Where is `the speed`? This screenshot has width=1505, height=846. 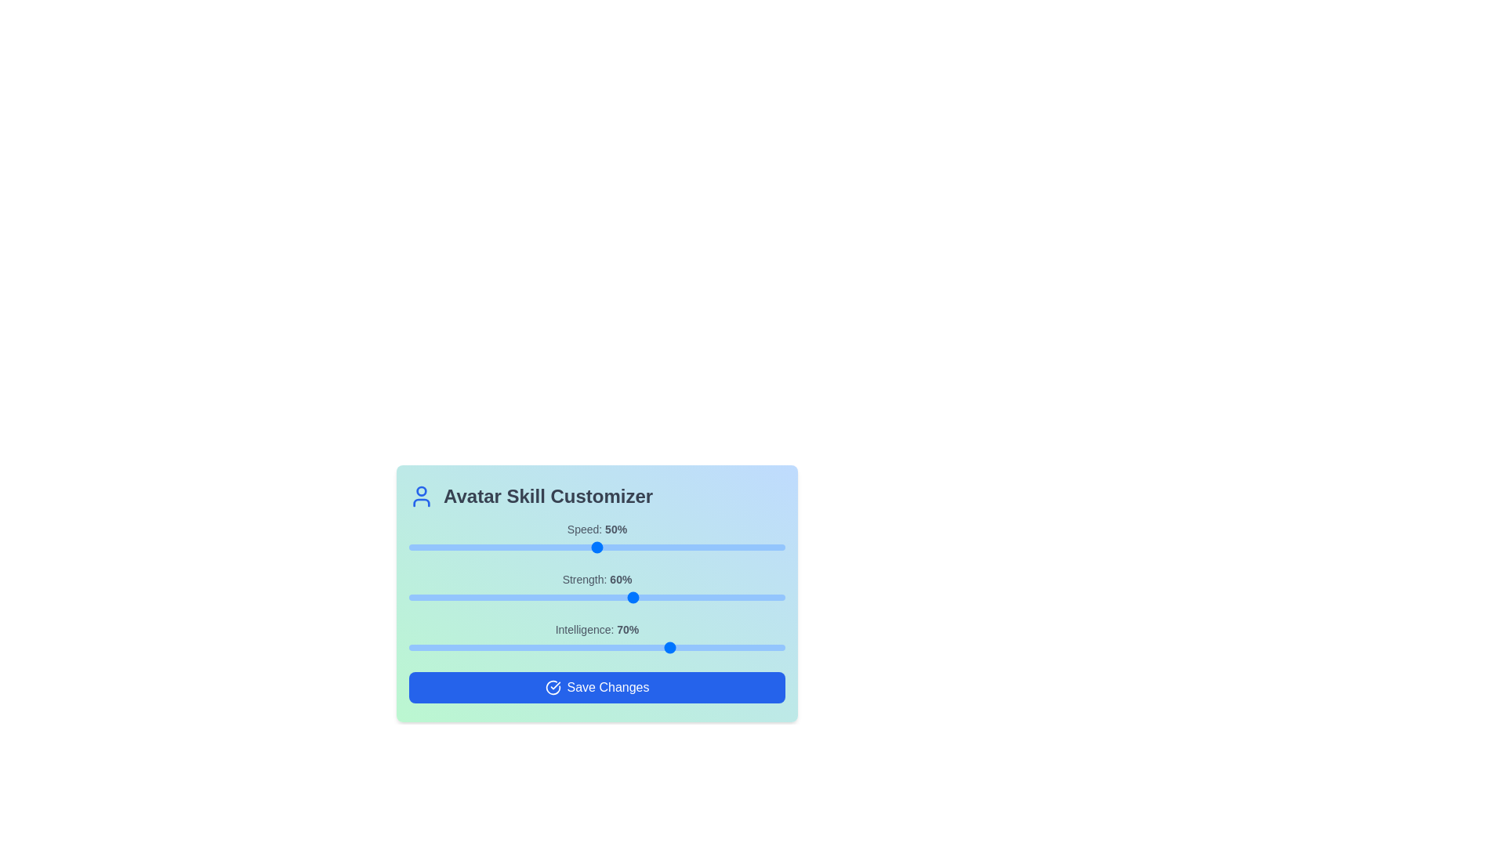 the speed is located at coordinates (735, 546).